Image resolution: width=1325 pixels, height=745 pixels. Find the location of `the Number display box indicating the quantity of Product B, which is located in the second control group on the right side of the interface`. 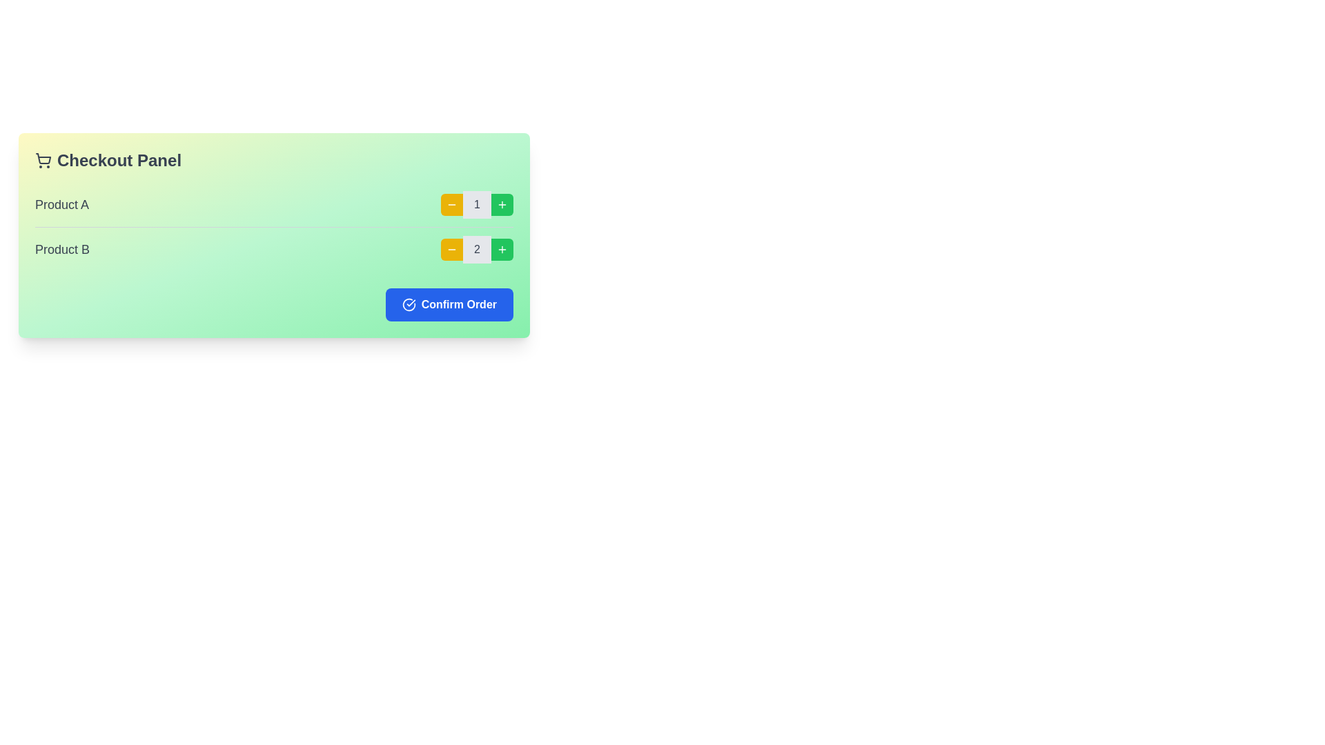

the Number display box indicating the quantity of Product B, which is located in the second control group on the right side of the interface is located at coordinates (477, 250).